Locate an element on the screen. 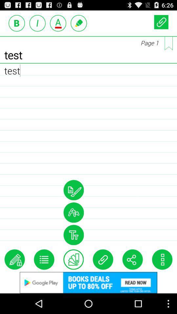 The image size is (177, 314). pin or clip button is located at coordinates (161, 22).